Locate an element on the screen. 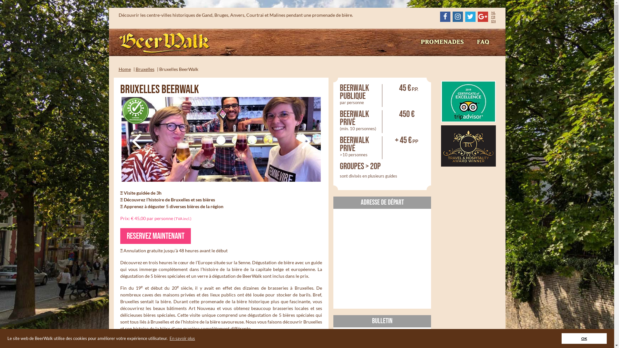 This screenshot has height=348, width=619. 'BeerWalk - Historische stadswandelingen' is located at coordinates (164, 43).